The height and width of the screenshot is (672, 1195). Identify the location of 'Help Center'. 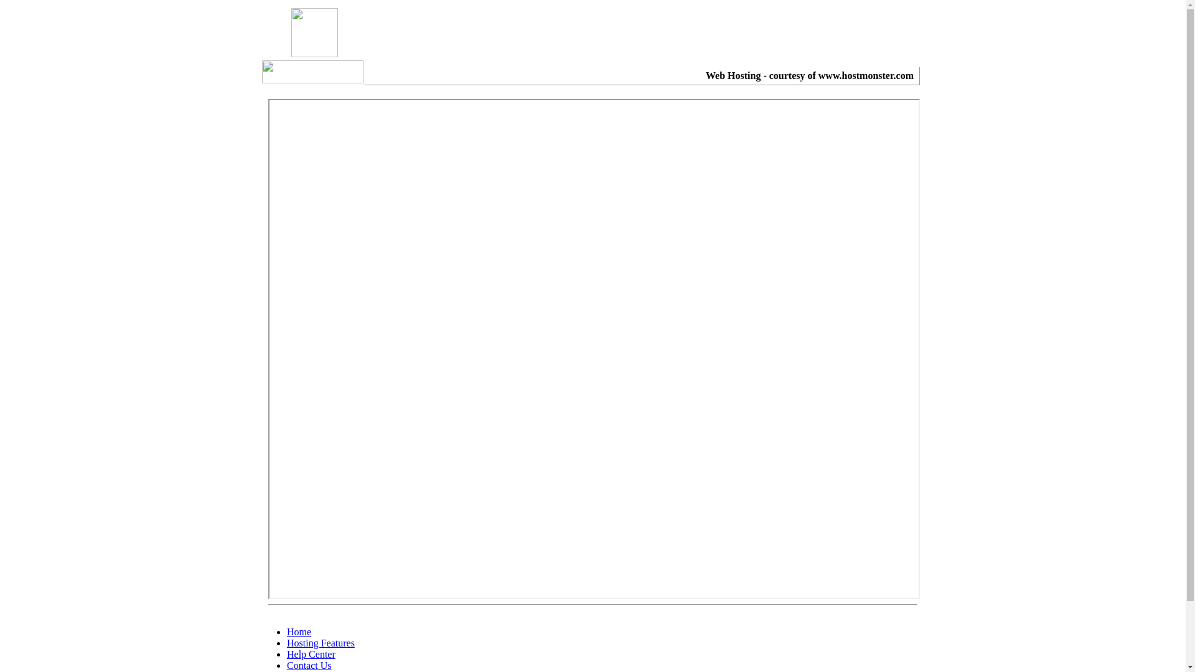
(311, 653).